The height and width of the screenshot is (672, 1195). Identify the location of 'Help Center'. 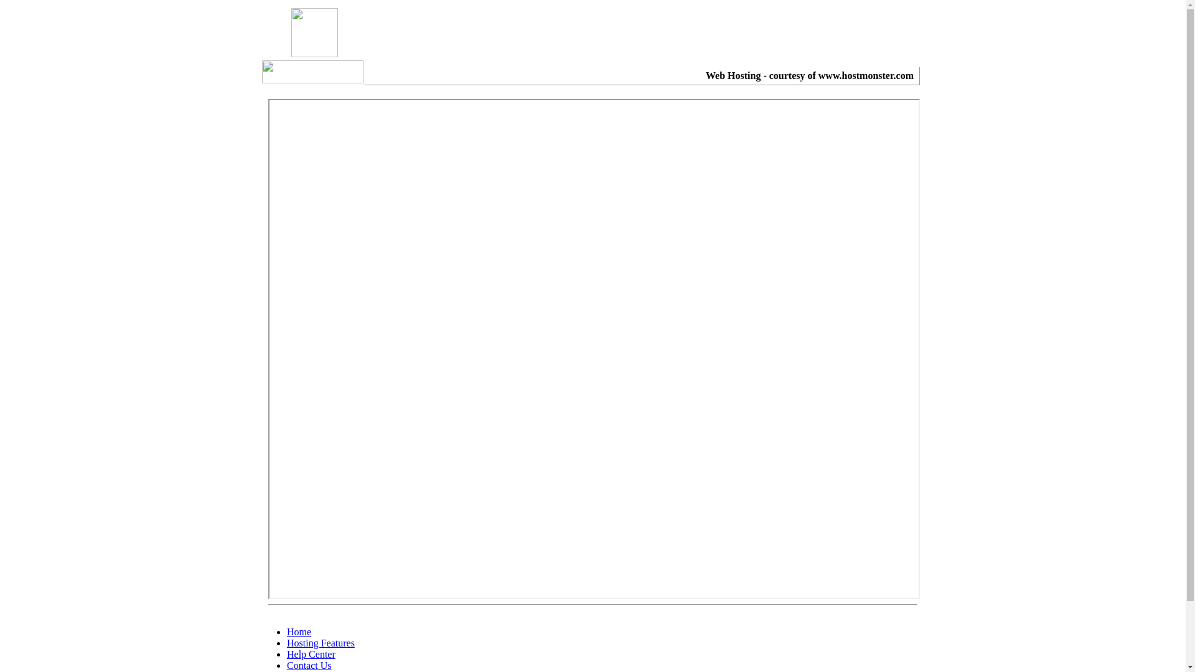
(311, 653).